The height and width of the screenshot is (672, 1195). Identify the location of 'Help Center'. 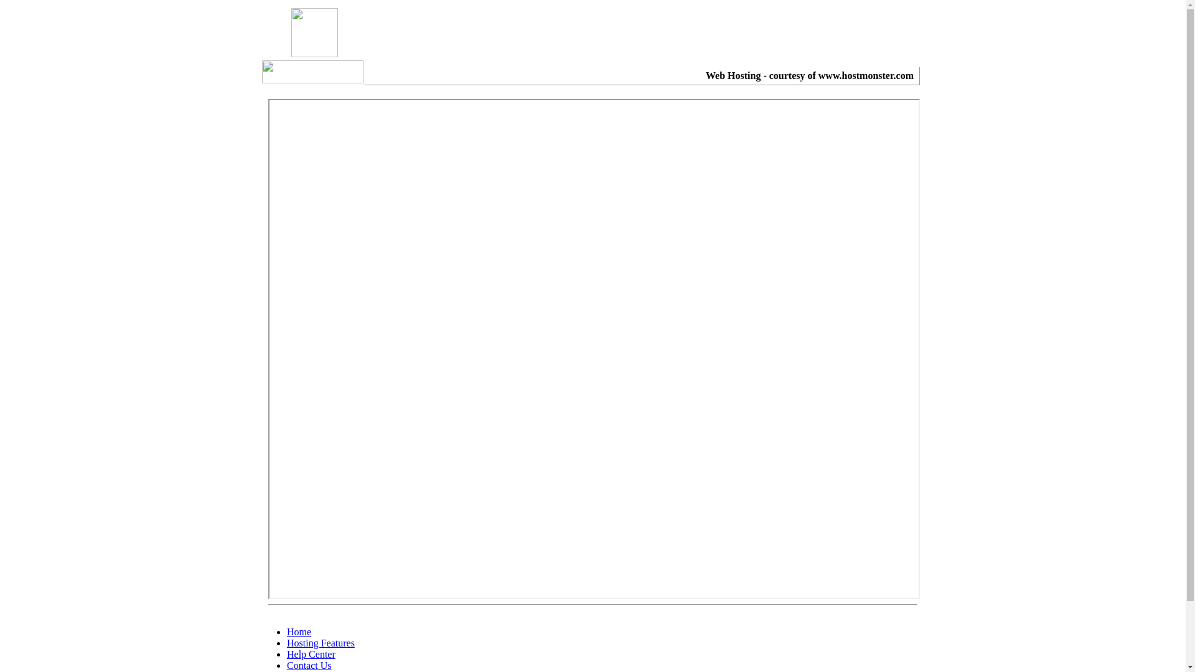
(311, 653).